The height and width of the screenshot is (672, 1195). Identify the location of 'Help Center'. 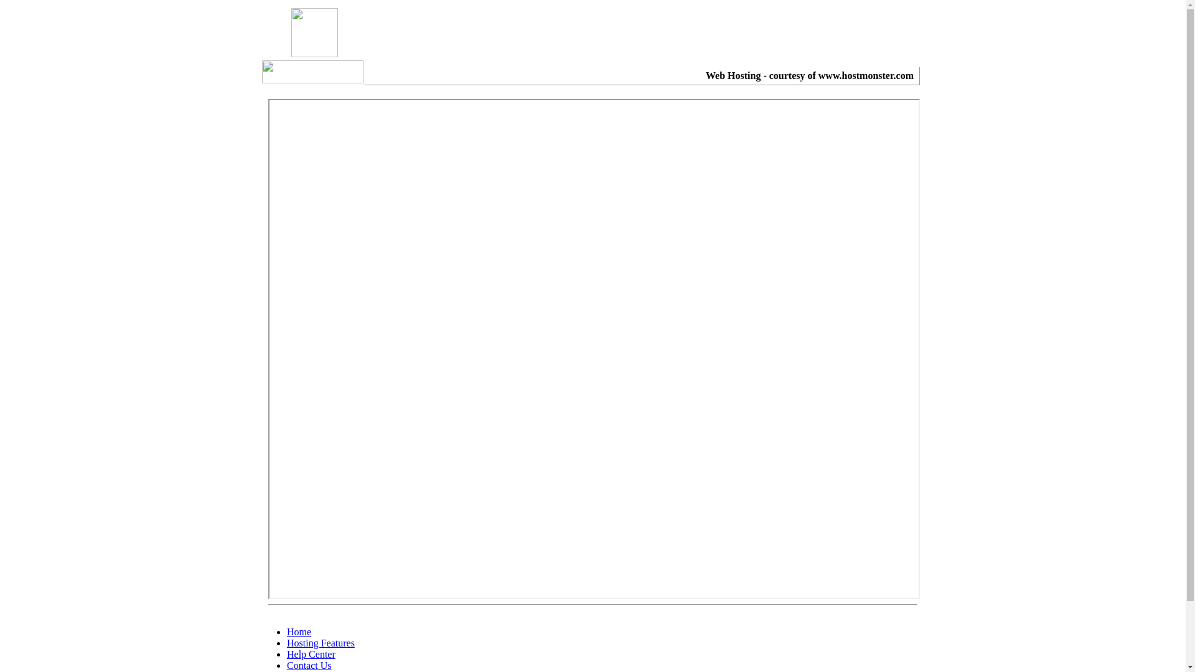
(311, 653).